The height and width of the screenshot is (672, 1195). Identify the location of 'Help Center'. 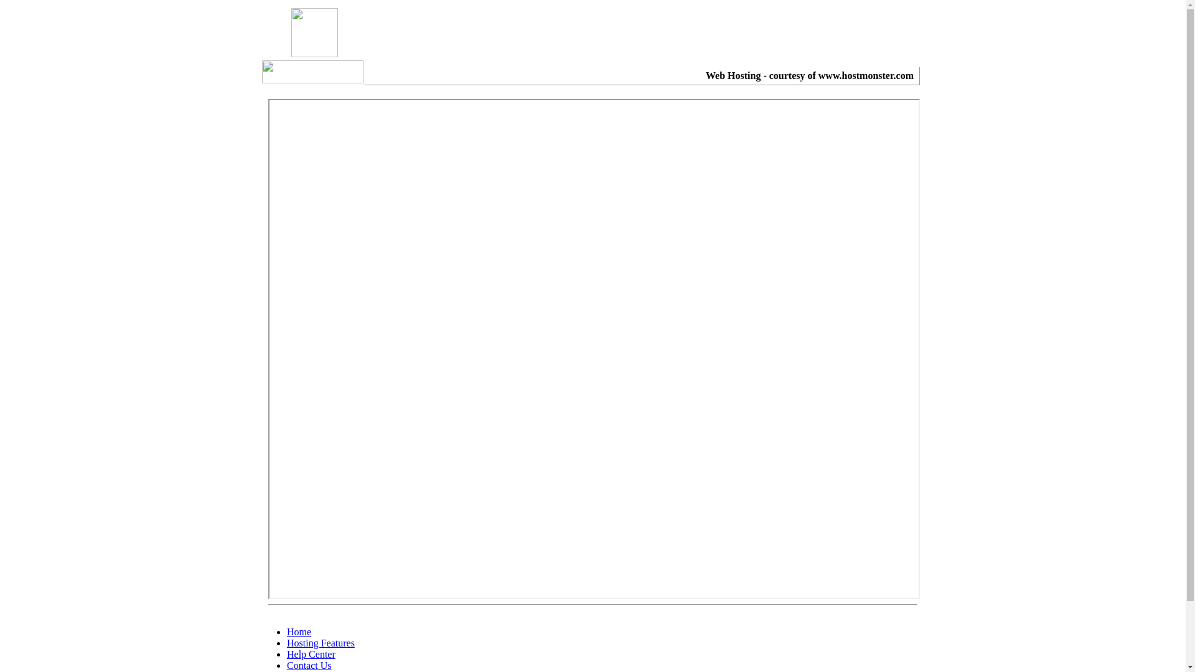
(311, 653).